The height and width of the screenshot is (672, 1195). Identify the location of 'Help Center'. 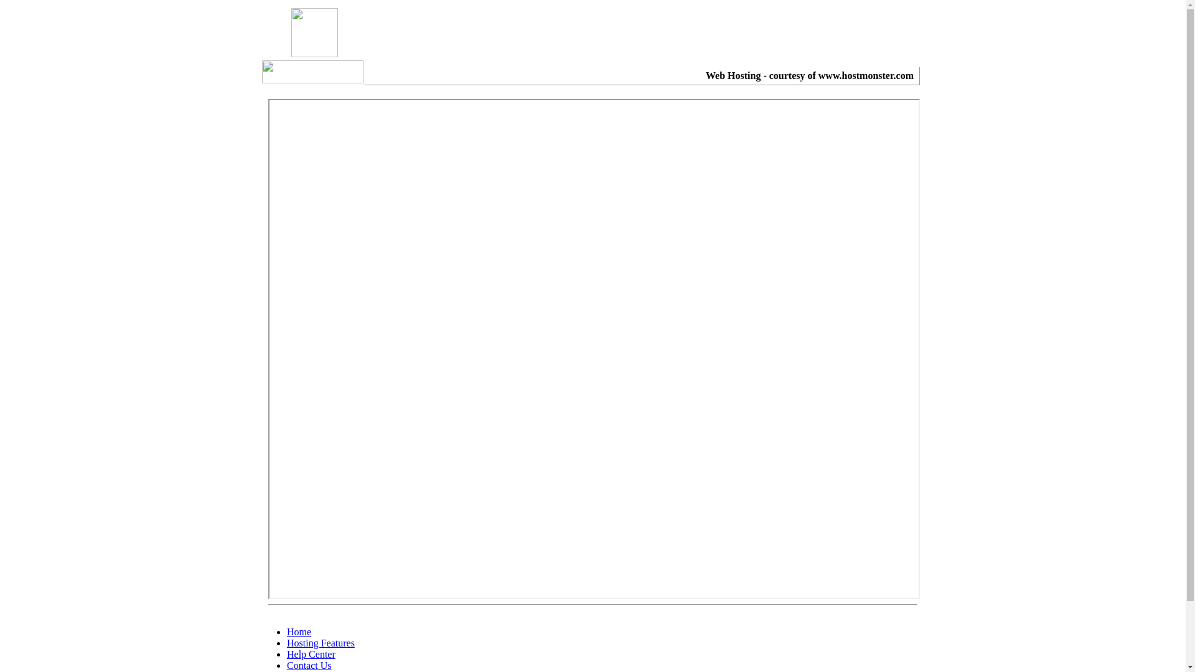
(311, 653).